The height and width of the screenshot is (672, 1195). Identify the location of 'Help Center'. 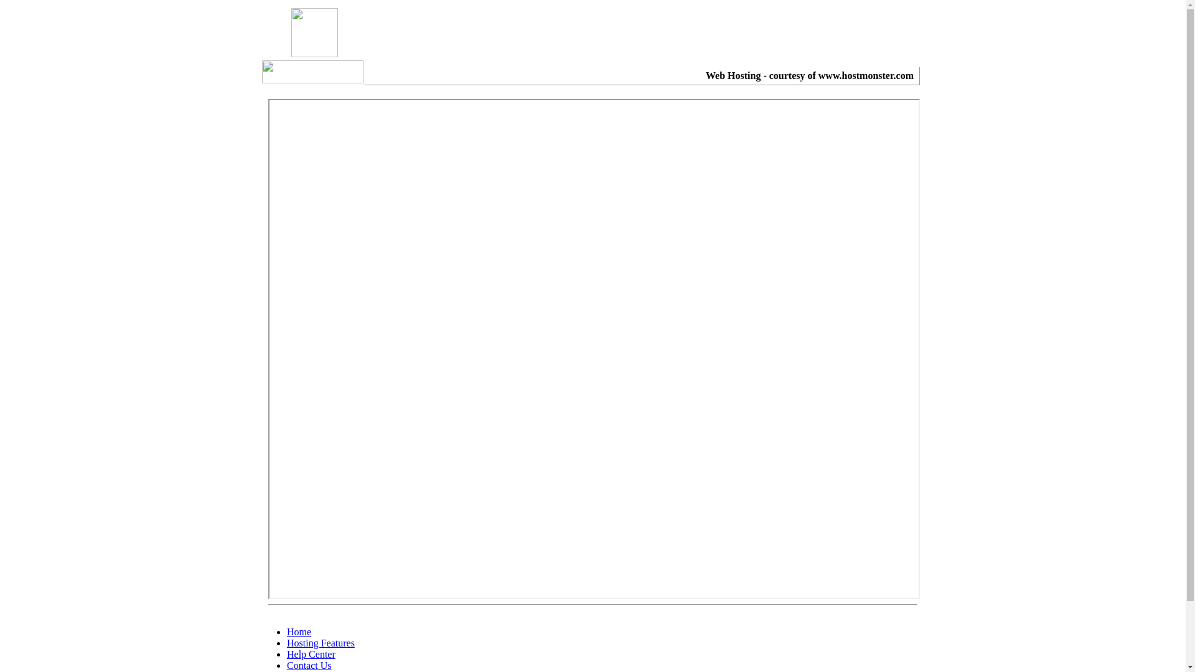
(311, 653).